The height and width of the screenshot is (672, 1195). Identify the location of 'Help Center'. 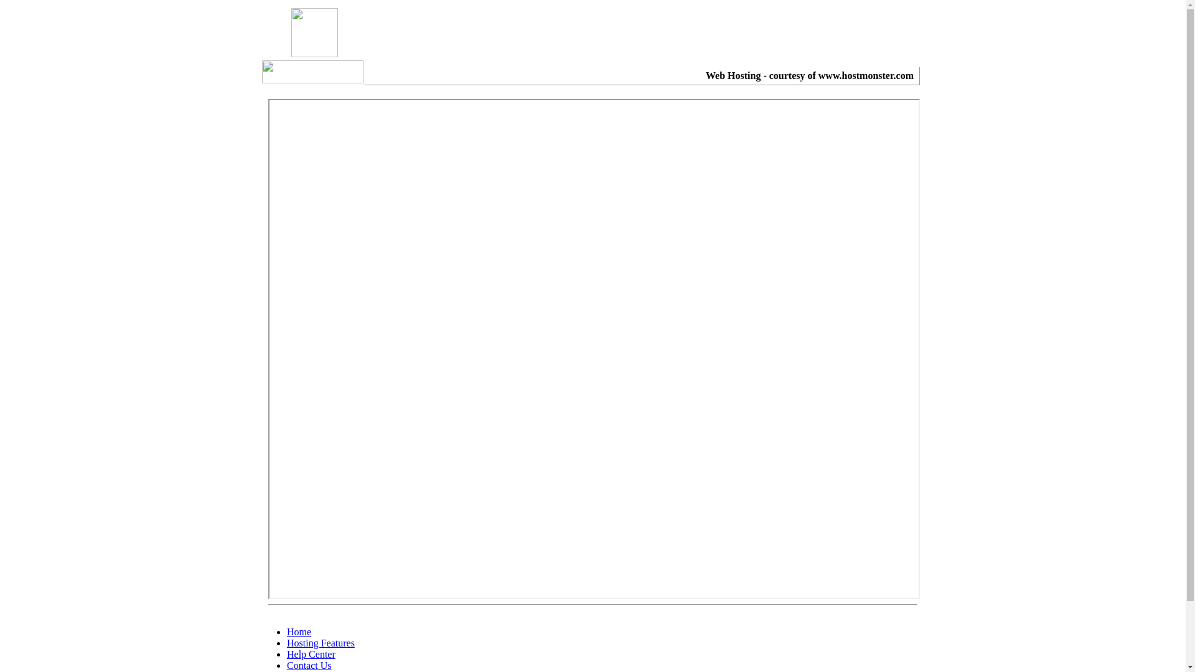
(311, 653).